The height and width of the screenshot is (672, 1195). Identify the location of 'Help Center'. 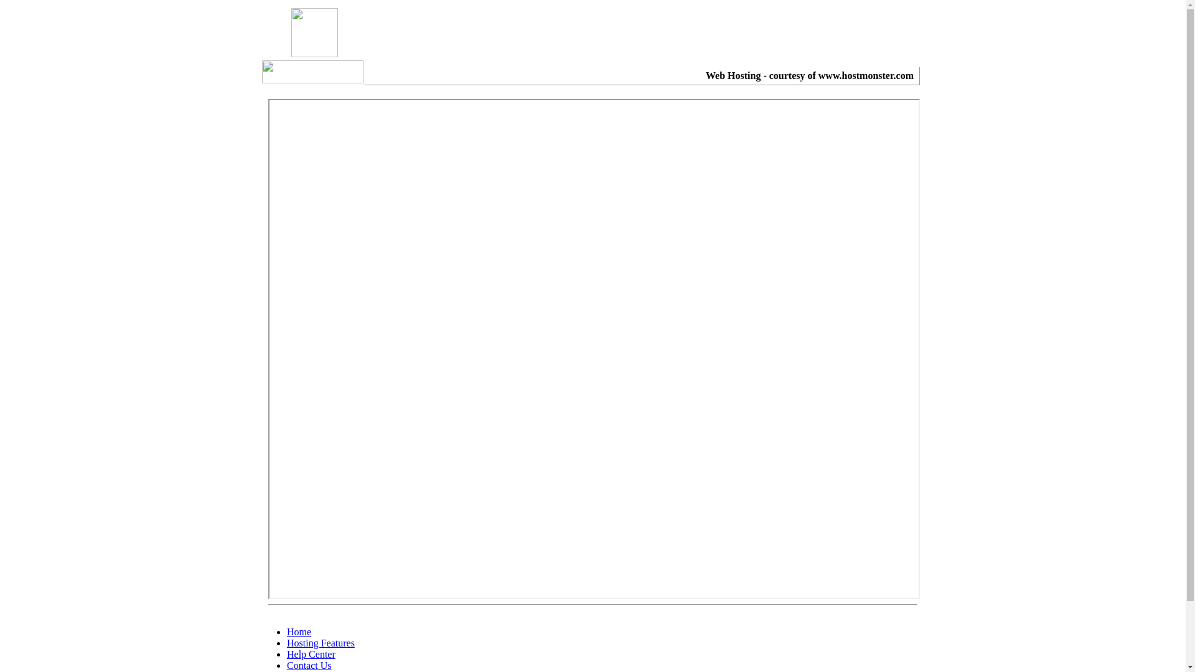
(311, 653).